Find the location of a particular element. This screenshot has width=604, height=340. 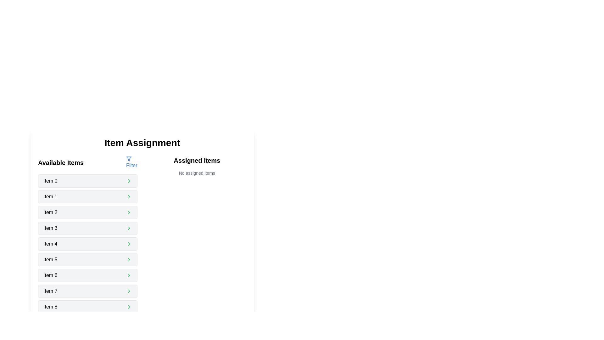

the small right-pointing chevron icon is located at coordinates (128, 307).